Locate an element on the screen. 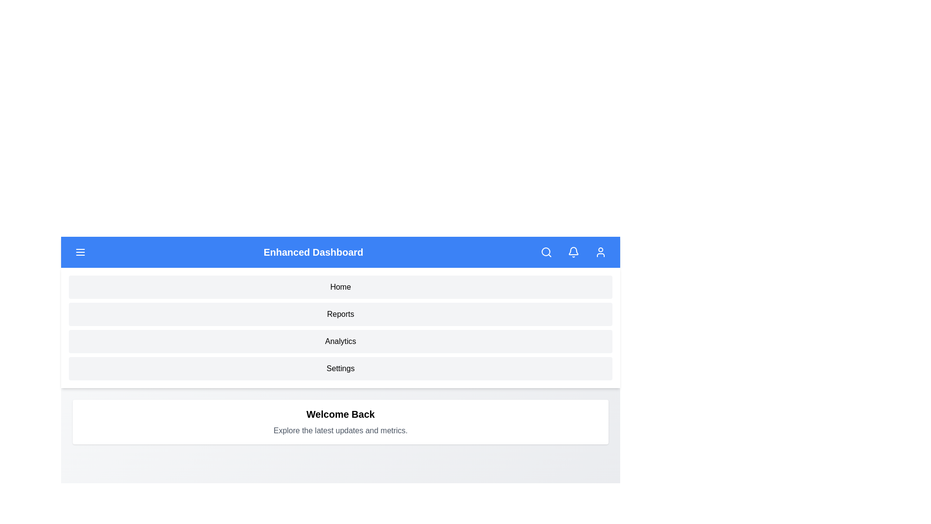  the menu item Reports to navigate to its section is located at coordinates (340, 314).